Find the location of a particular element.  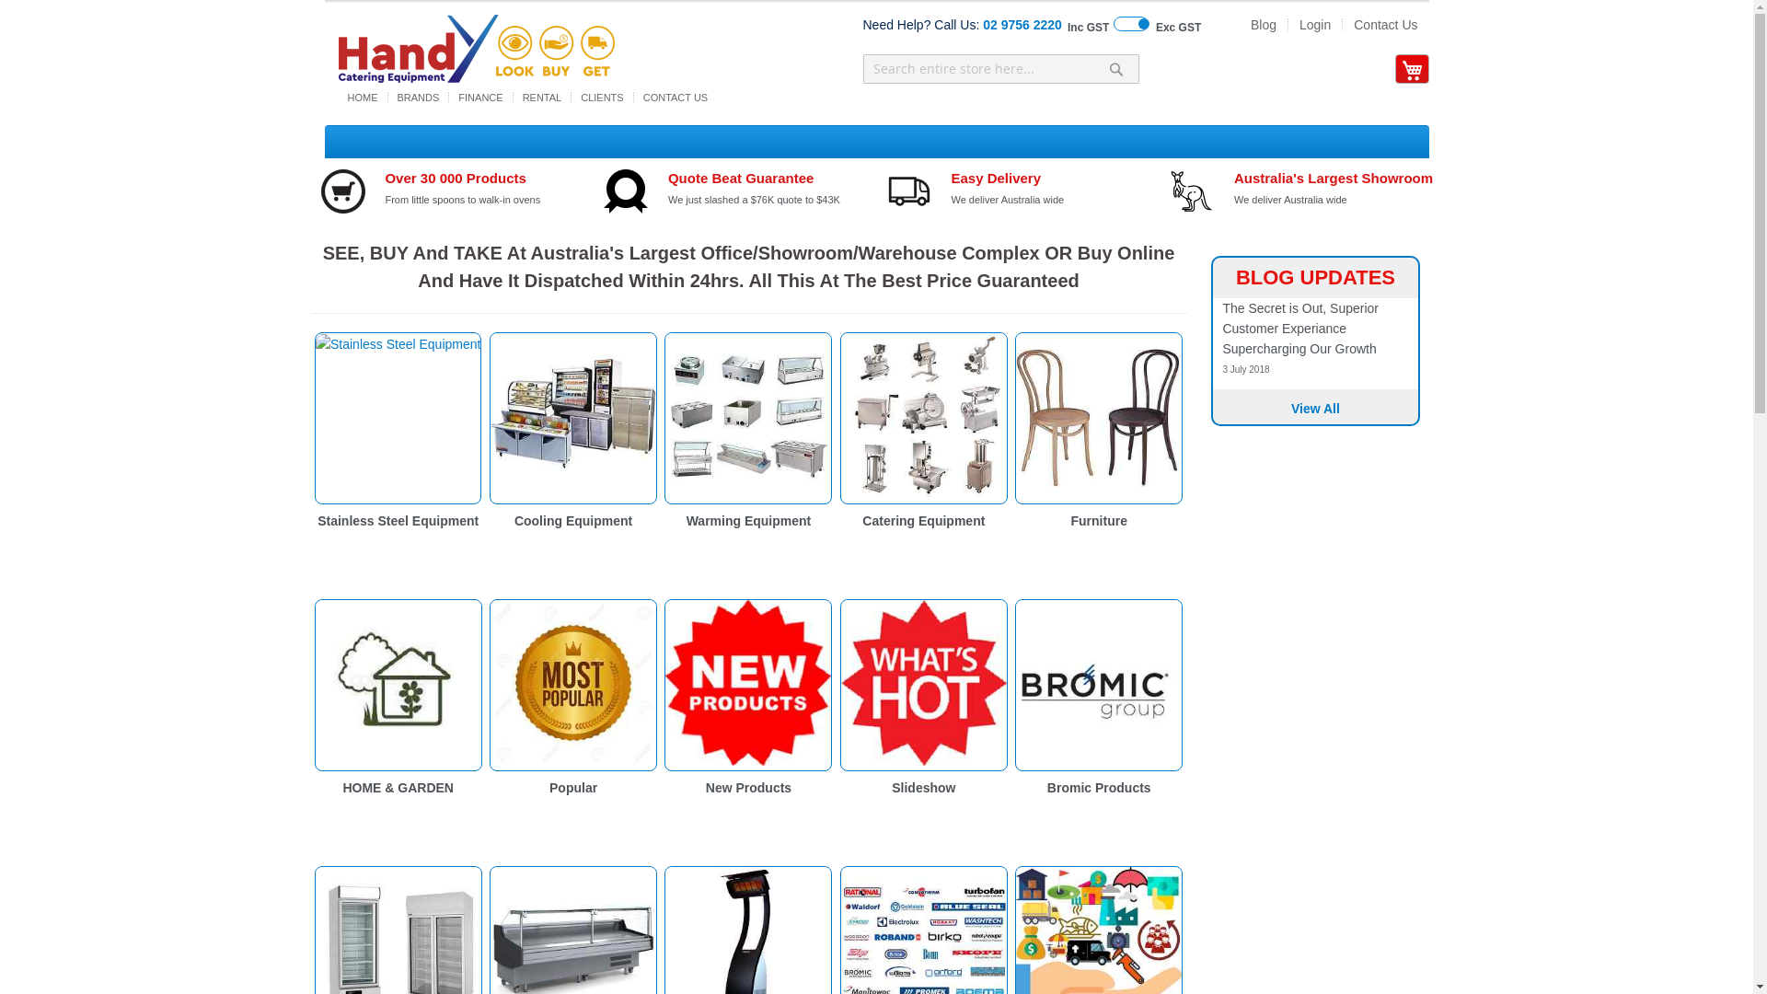

'Easy Delivery' is located at coordinates (994, 178).